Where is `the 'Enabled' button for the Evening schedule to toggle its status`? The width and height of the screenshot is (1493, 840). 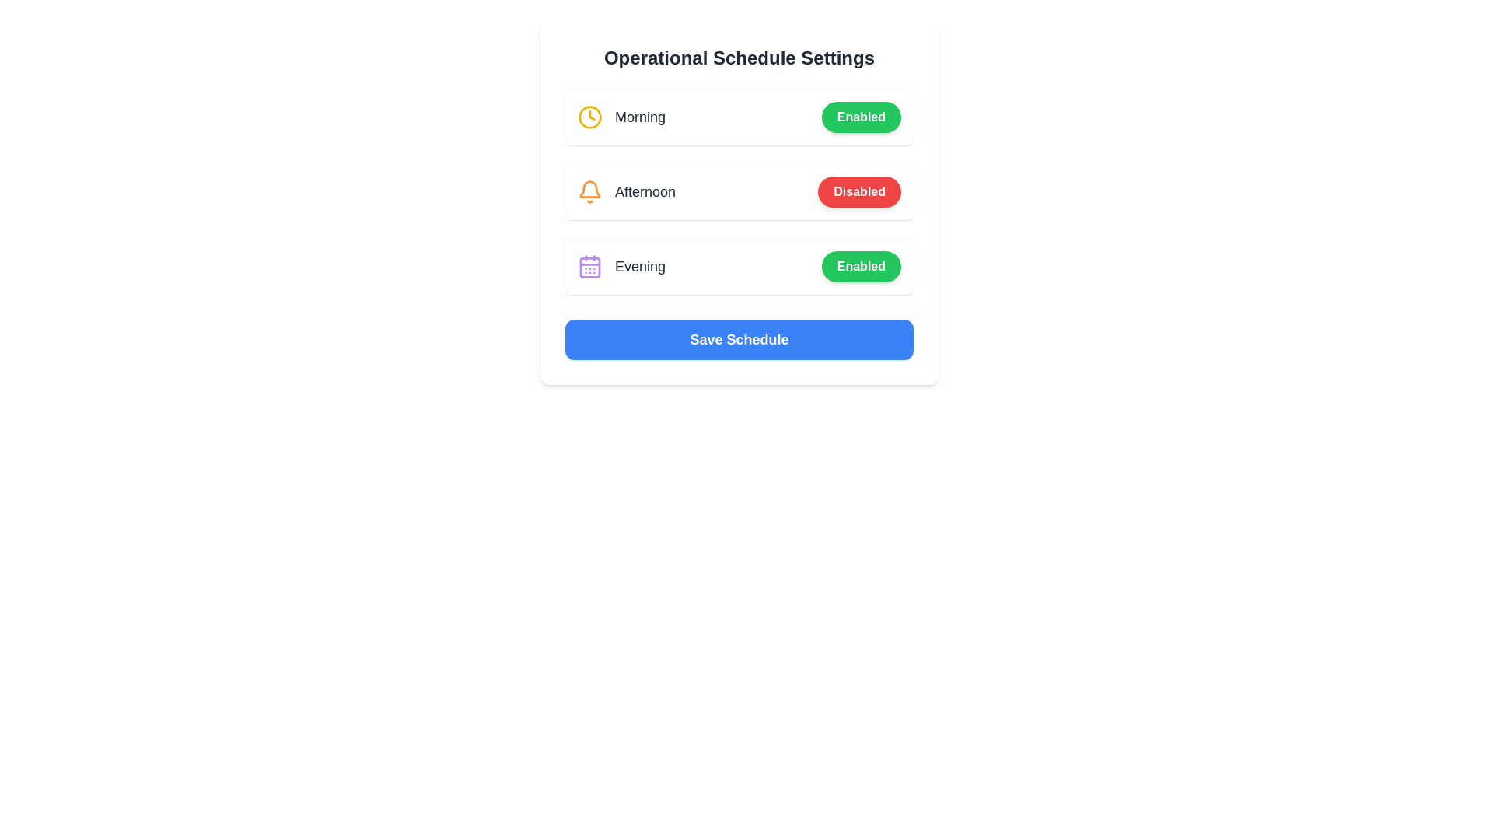
the 'Enabled' button for the Evening schedule to toggle its status is located at coordinates (860, 266).